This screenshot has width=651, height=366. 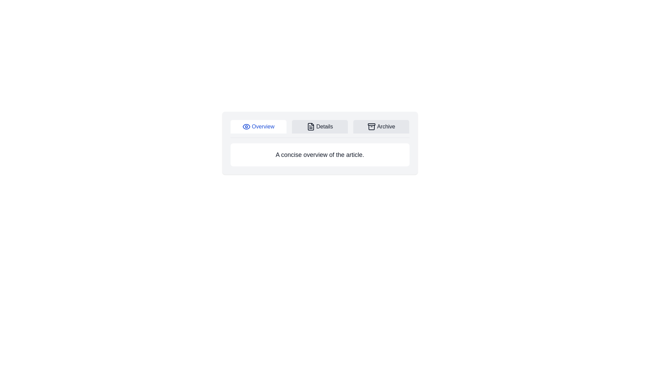 I want to click on the Overview tab to see the highlighting effect, so click(x=258, y=127).